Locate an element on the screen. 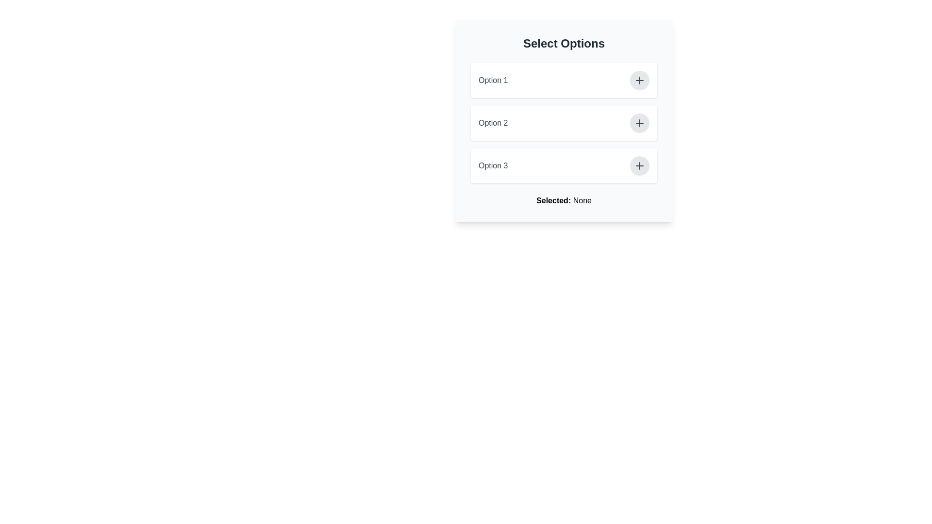 Image resolution: width=932 pixels, height=524 pixels. the small gray plus icon with a circular outline and cross shape located on the far right of the first option row is located at coordinates (640, 80).